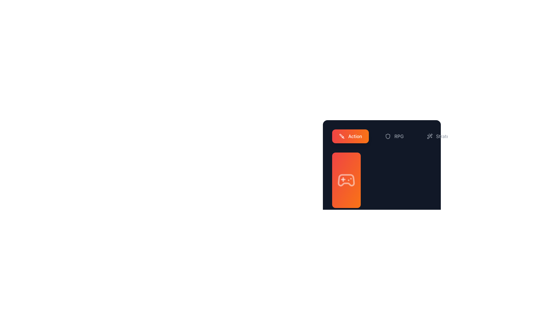  Describe the element at coordinates (346, 180) in the screenshot. I see `the gamepad icon located in a highlighted panel with a gradient orange background, positioned below the 'Action' button` at that location.